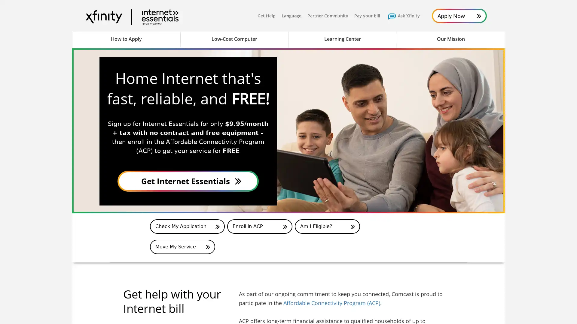 The height and width of the screenshot is (324, 577). I want to click on Enroll in ACP, so click(260, 226).